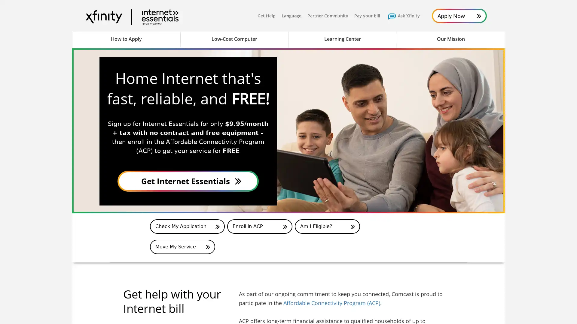 The height and width of the screenshot is (324, 577). I want to click on Enroll in ACP, so click(260, 226).